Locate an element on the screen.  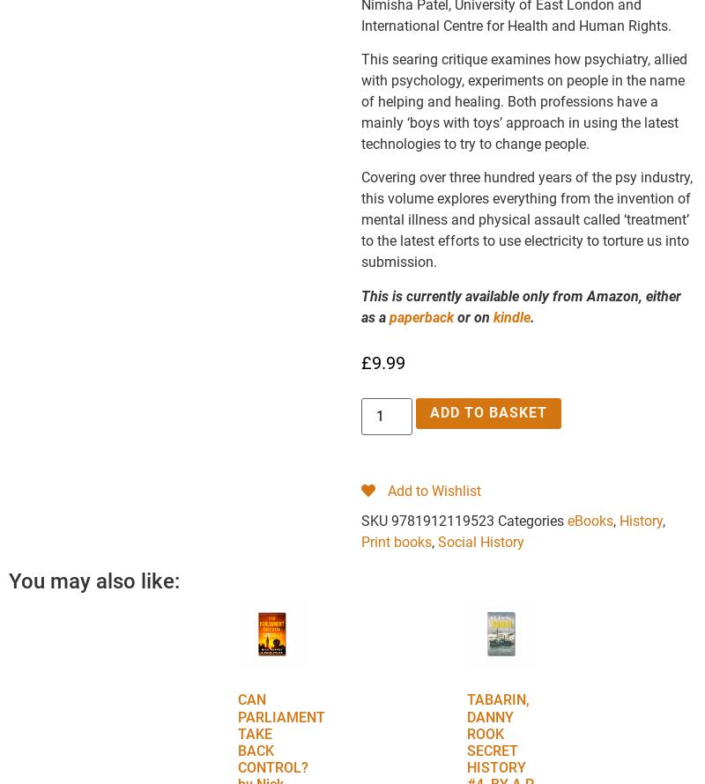
'kindle' is located at coordinates (510, 316).